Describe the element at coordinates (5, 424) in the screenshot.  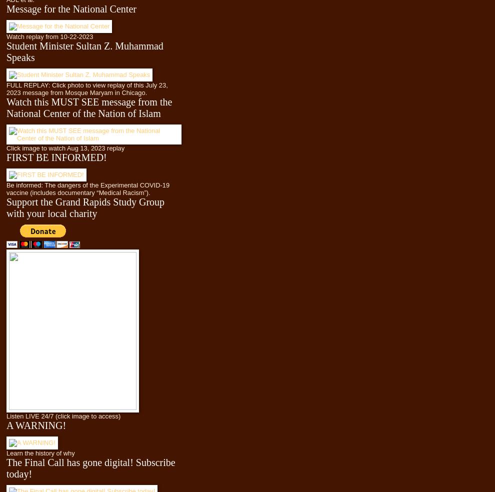
I see `'A WARNING!'` at that location.